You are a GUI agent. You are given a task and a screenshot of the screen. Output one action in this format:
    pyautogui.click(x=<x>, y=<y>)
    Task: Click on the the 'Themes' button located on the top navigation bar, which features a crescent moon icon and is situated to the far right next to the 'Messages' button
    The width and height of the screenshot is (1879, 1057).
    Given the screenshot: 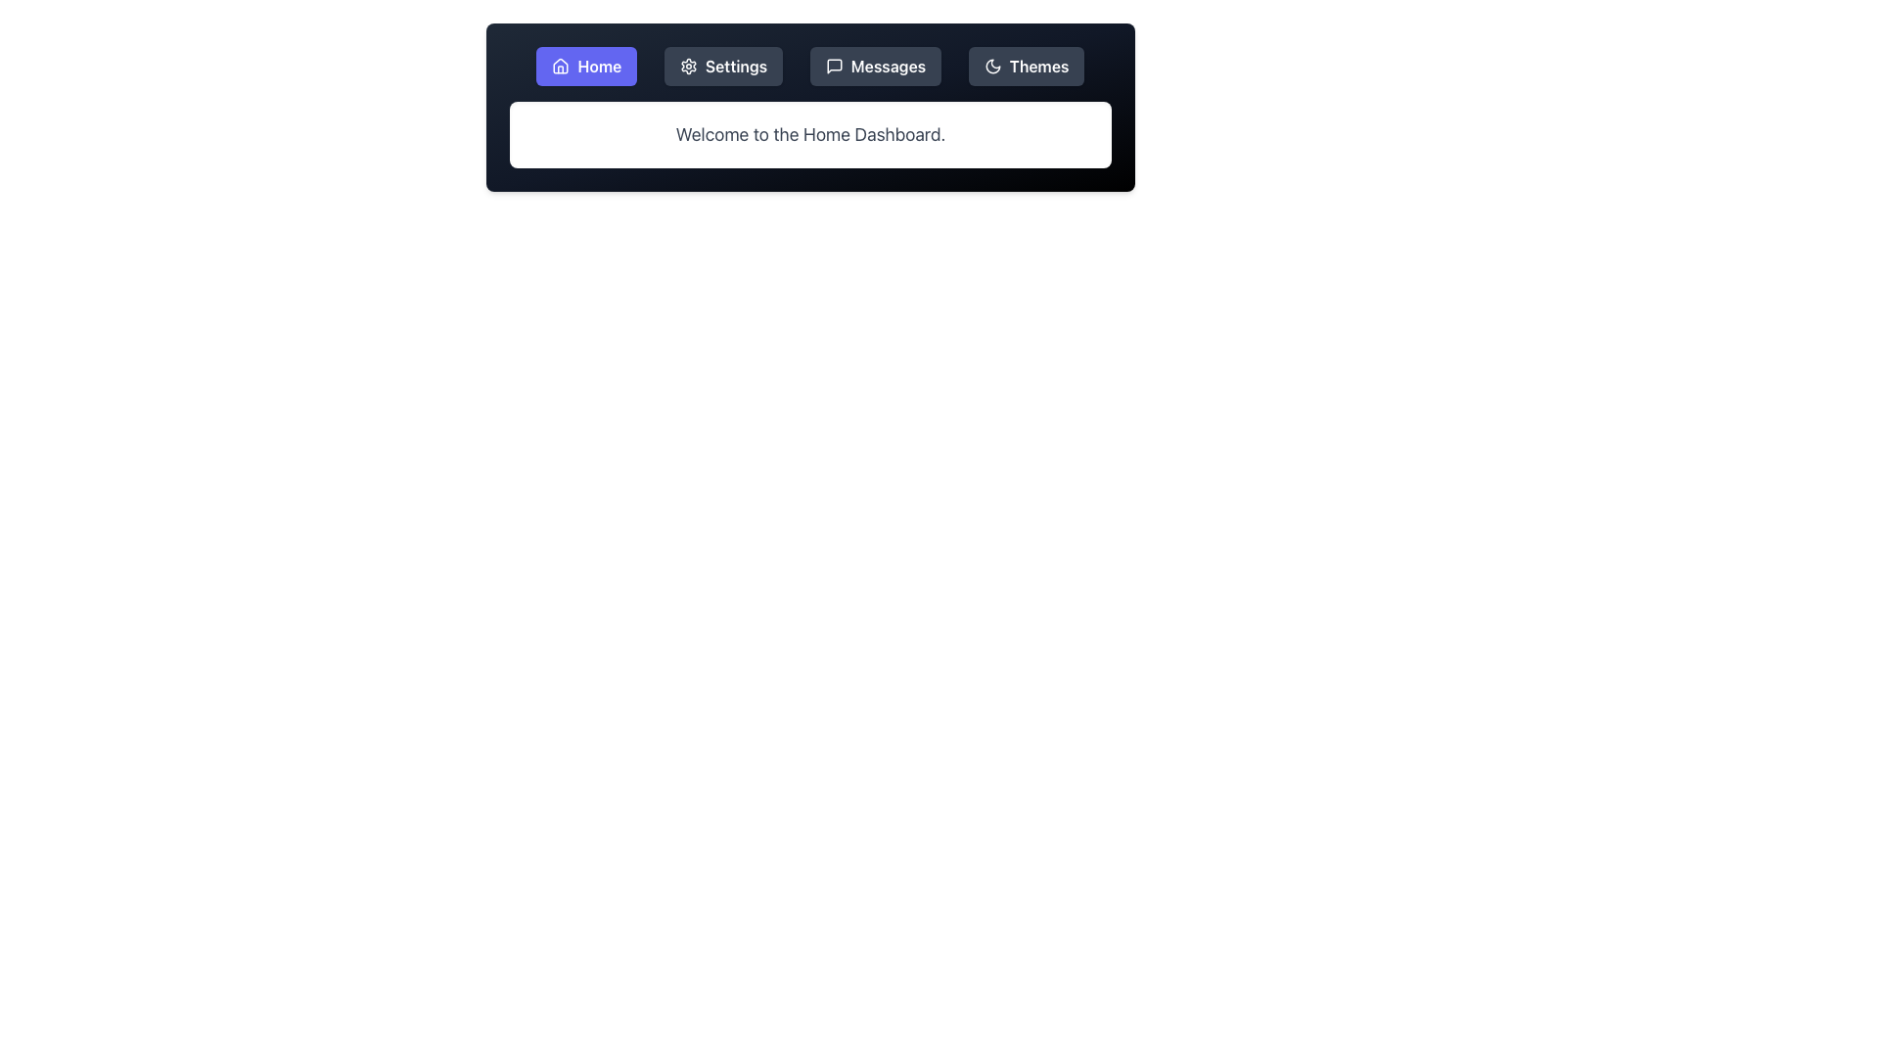 What is the action you would take?
    pyautogui.click(x=1026, y=66)
    